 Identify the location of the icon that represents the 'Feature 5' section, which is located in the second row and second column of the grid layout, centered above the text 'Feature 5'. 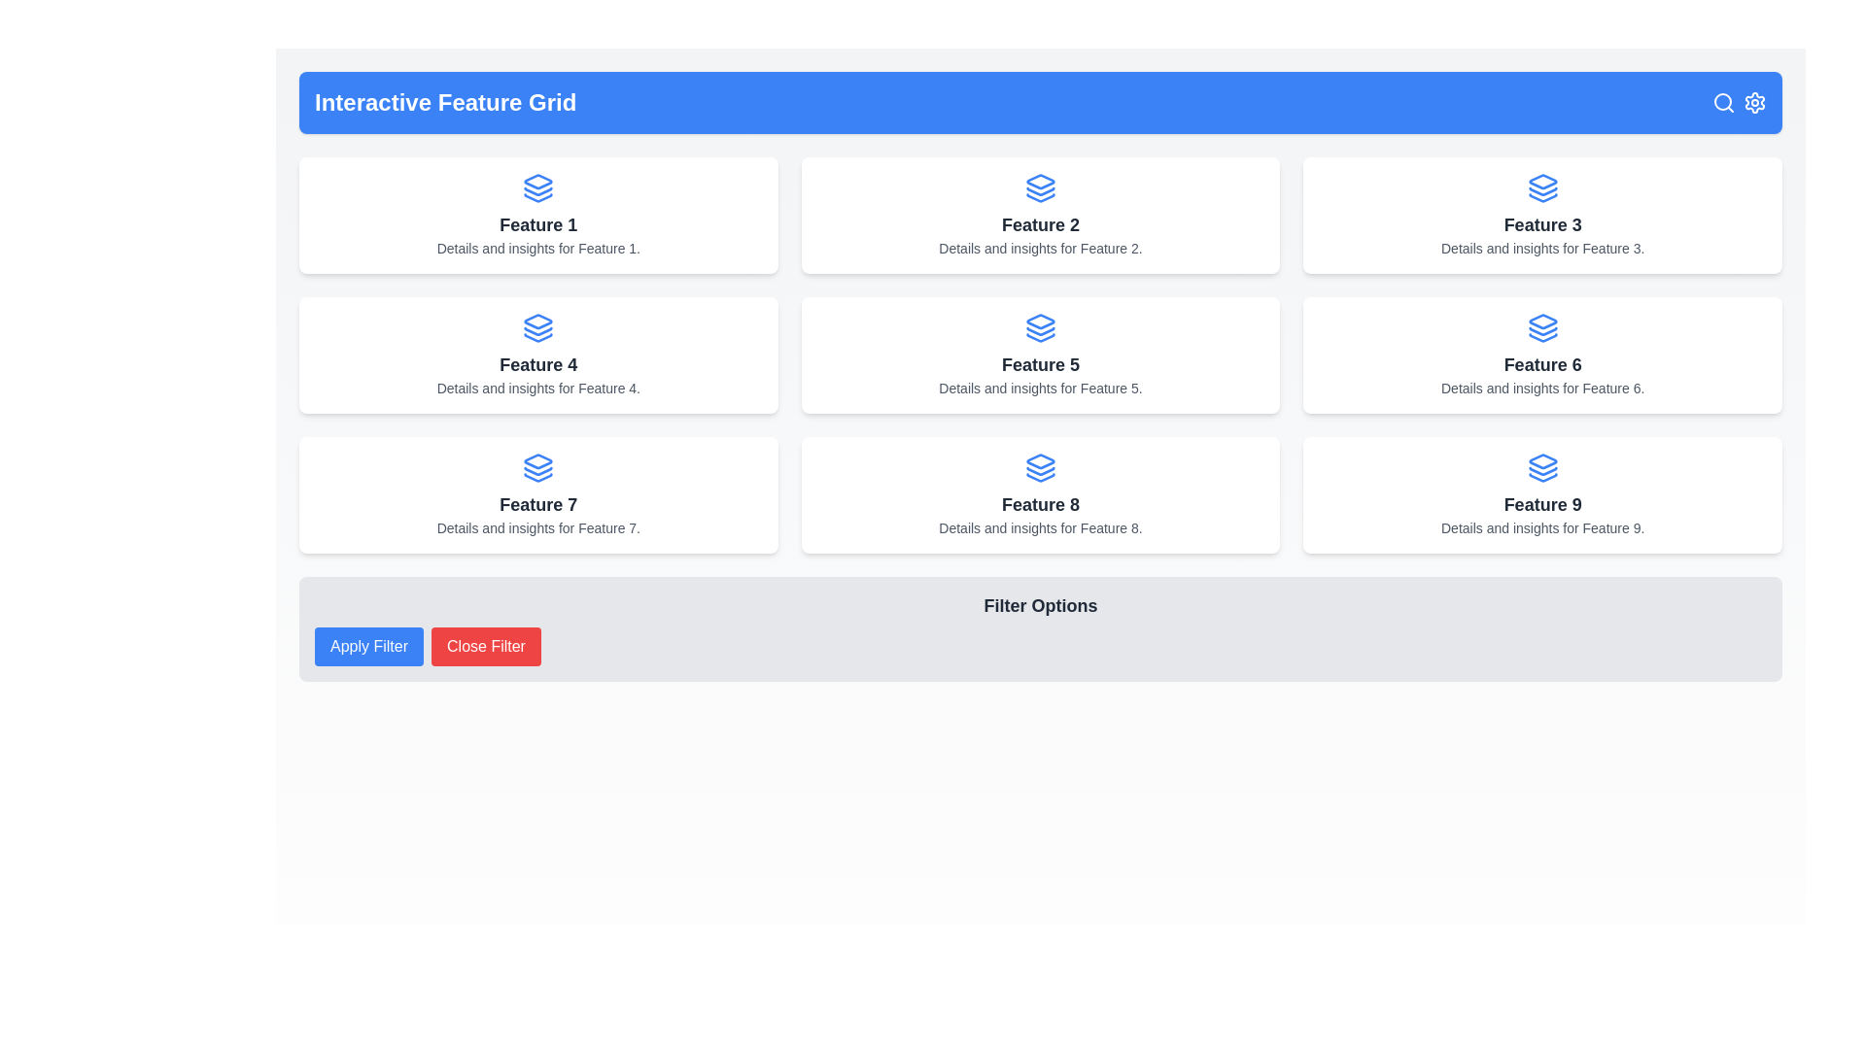
(1039, 327).